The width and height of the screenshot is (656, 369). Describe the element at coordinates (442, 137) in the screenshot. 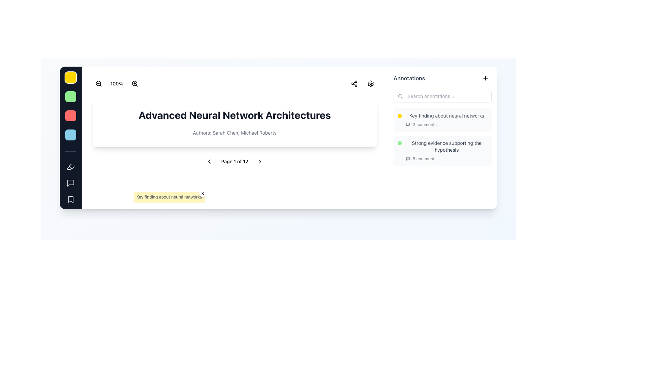

I see `the second Interactive annotation card in the Annotations section` at that location.